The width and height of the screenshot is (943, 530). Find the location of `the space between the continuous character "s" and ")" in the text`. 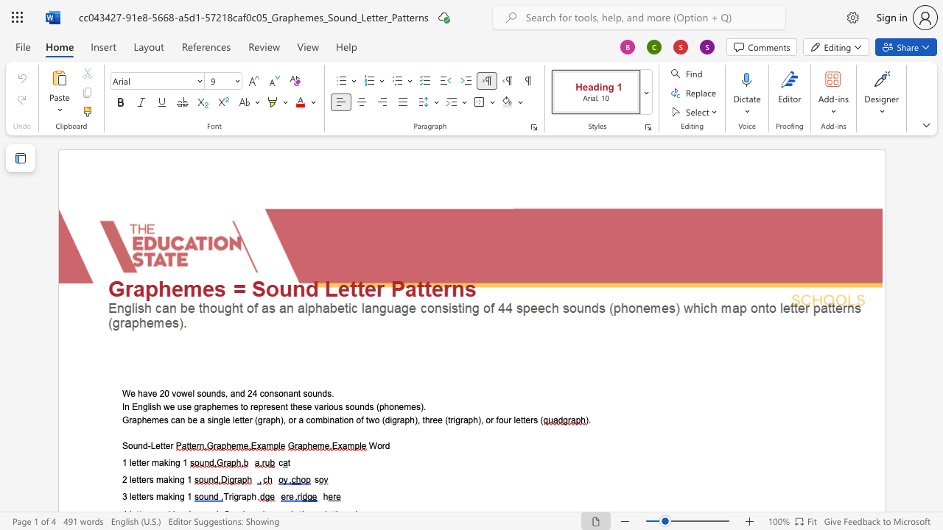

the space between the continuous character "s" and ")" in the text is located at coordinates (419, 406).